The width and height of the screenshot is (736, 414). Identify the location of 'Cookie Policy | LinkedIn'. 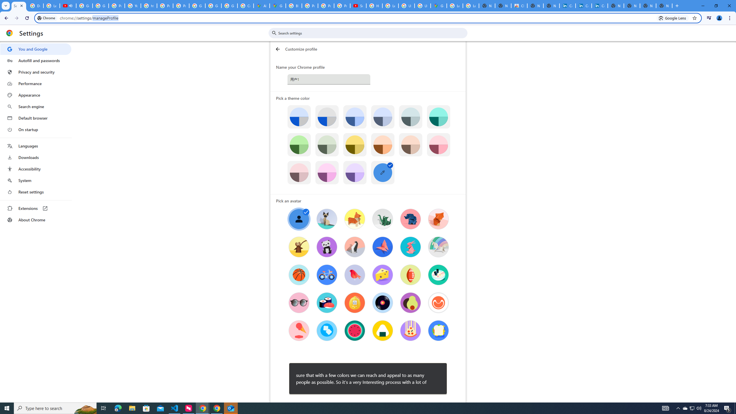
(584, 5).